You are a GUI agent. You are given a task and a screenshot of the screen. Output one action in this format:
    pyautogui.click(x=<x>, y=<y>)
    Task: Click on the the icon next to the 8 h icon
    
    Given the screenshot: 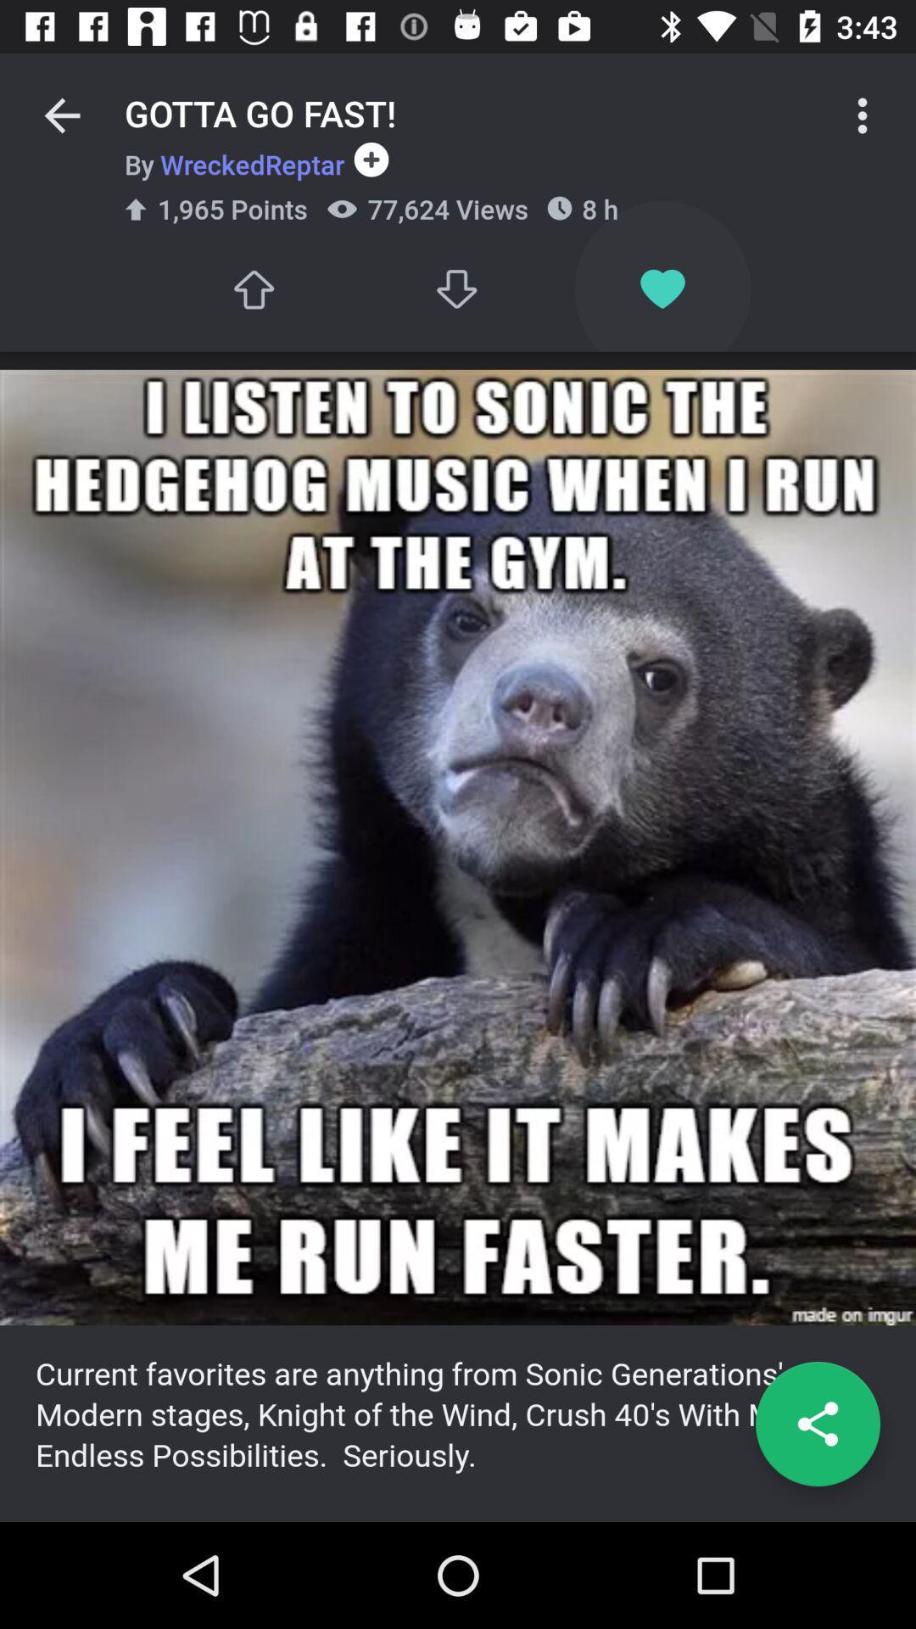 What is the action you would take?
    pyautogui.click(x=458, y=289)
    